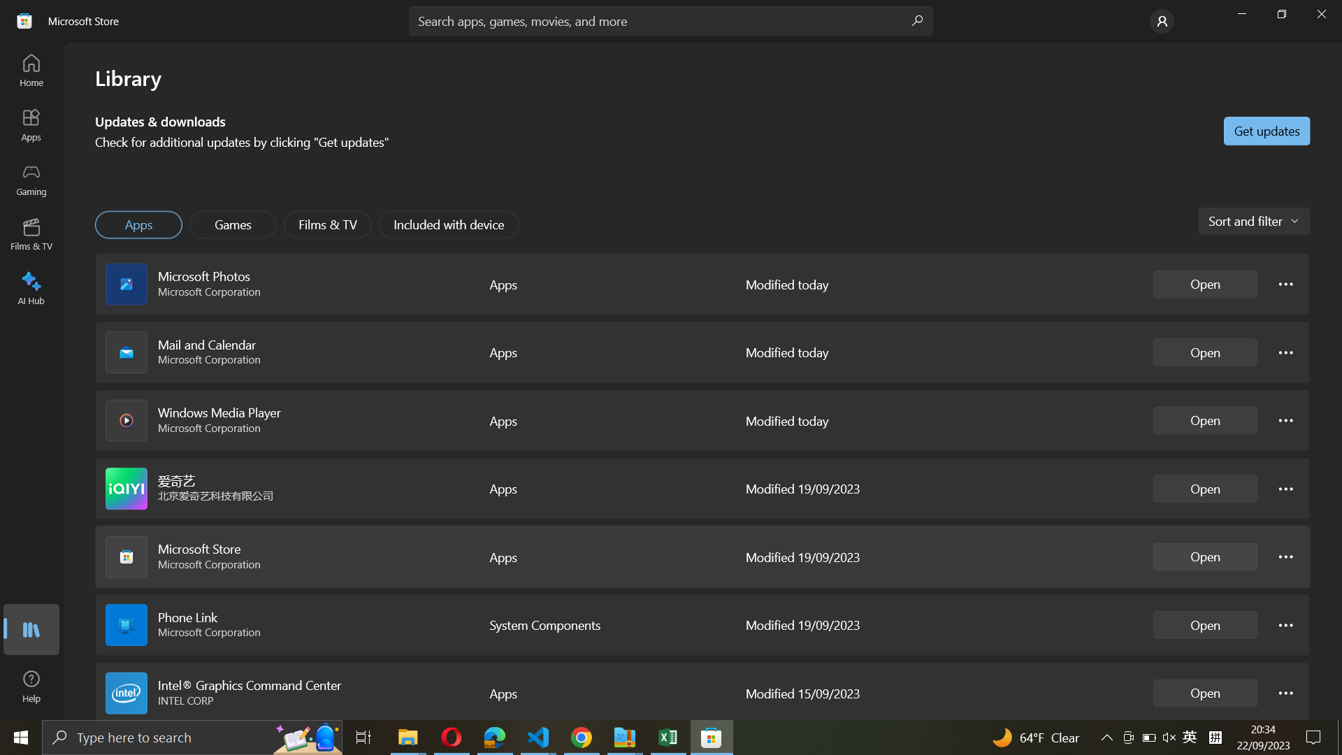 Image resolution: width=1342 pixels, height=755 pixels. What do you see at coordinates (1253, 220) in the screenshot?
I see `See Sort & Filter options` at bounding box center [1253, 220].